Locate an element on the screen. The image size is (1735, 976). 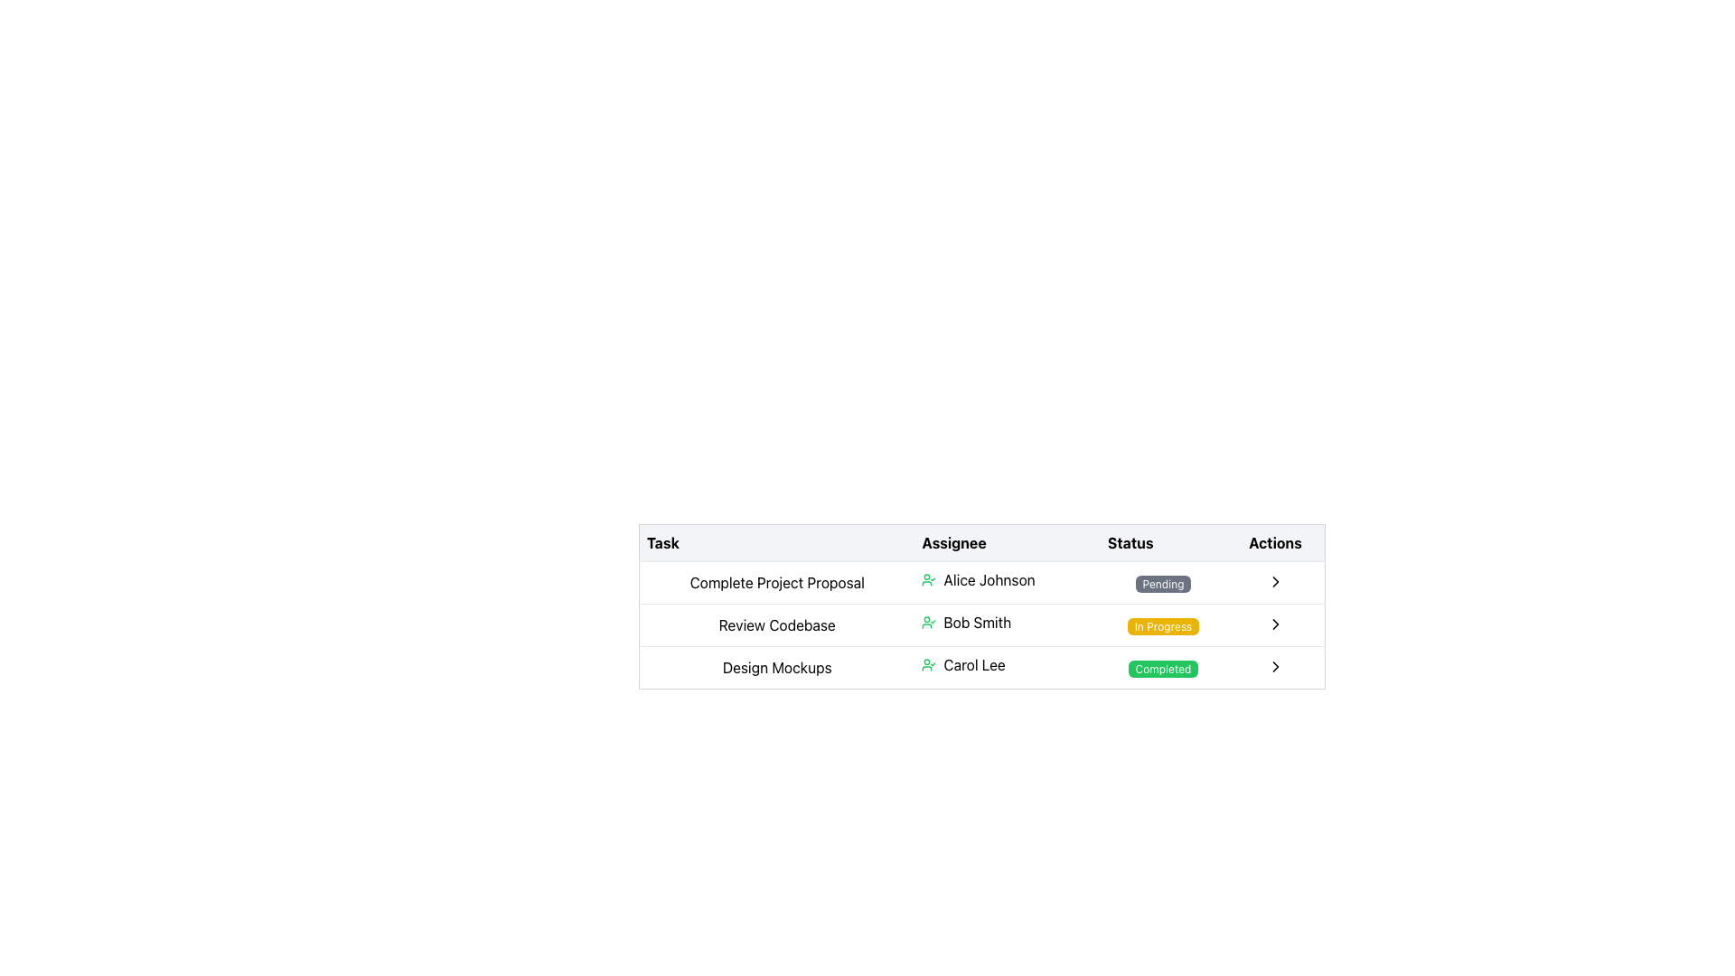
the third row of the task table that contains the task name 'Design Mockups', assignee 'Carol Lee', status 'Completed', and an arrow icon is located at coordinates (980, 668).